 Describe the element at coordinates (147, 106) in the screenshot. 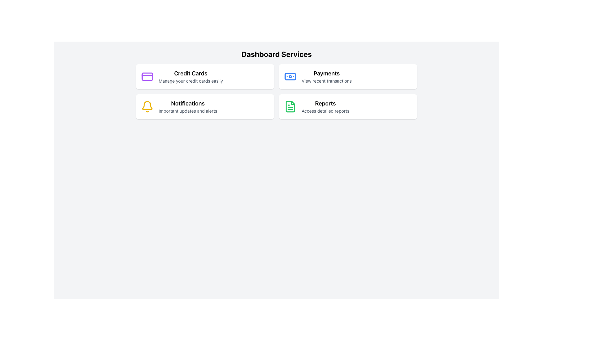

I see `the yellow bell icon located at the left-most part of the 'Notifications' section, which precedes the text label 'Notifications Important updates and alerts'` at that location.